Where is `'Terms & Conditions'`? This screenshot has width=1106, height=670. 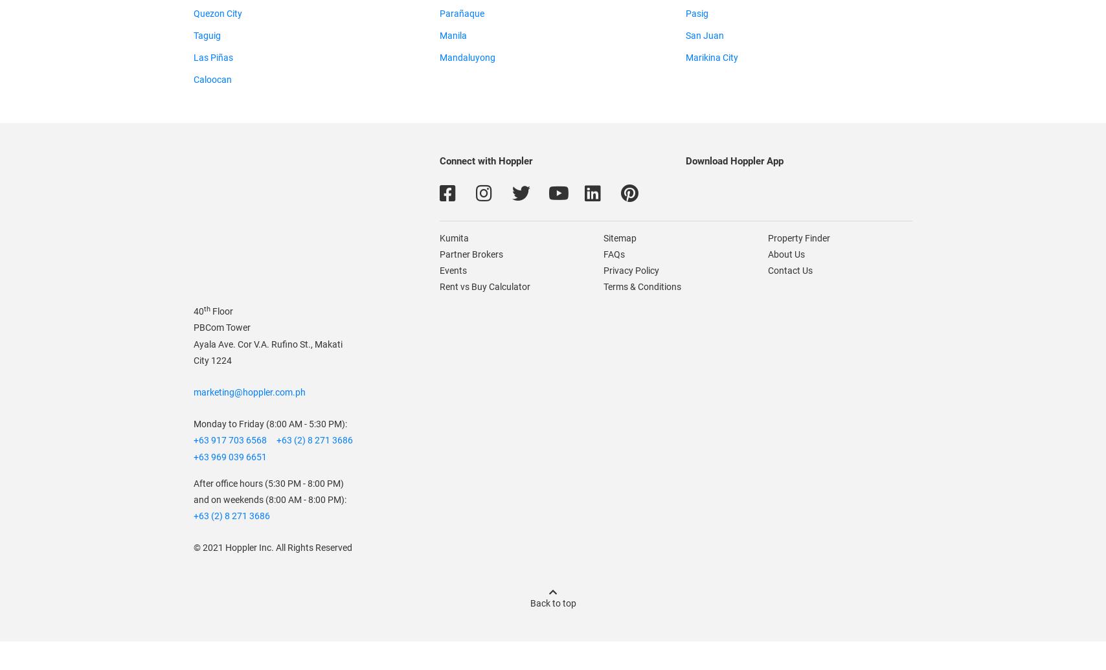
'Terms & Conditions' is located at coordinates (642, 286).